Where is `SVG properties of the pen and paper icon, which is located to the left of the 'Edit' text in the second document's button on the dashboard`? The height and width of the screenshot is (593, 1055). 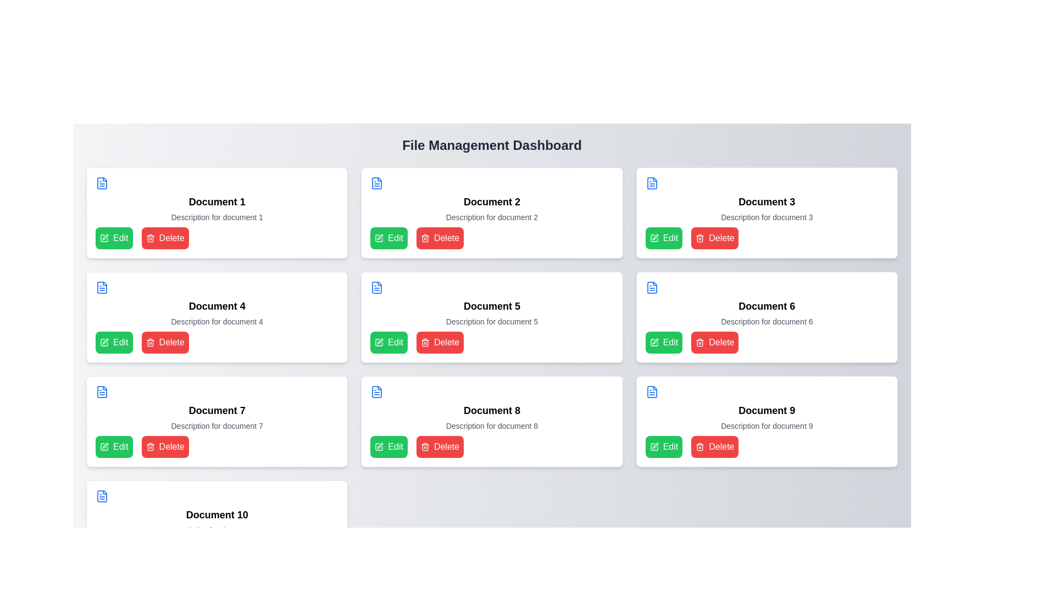 SVG properties of the pen and paper icon, which is located to the left of the 'Edit' text in the second document's button on the dashboard is located at coordinates (379, 342).